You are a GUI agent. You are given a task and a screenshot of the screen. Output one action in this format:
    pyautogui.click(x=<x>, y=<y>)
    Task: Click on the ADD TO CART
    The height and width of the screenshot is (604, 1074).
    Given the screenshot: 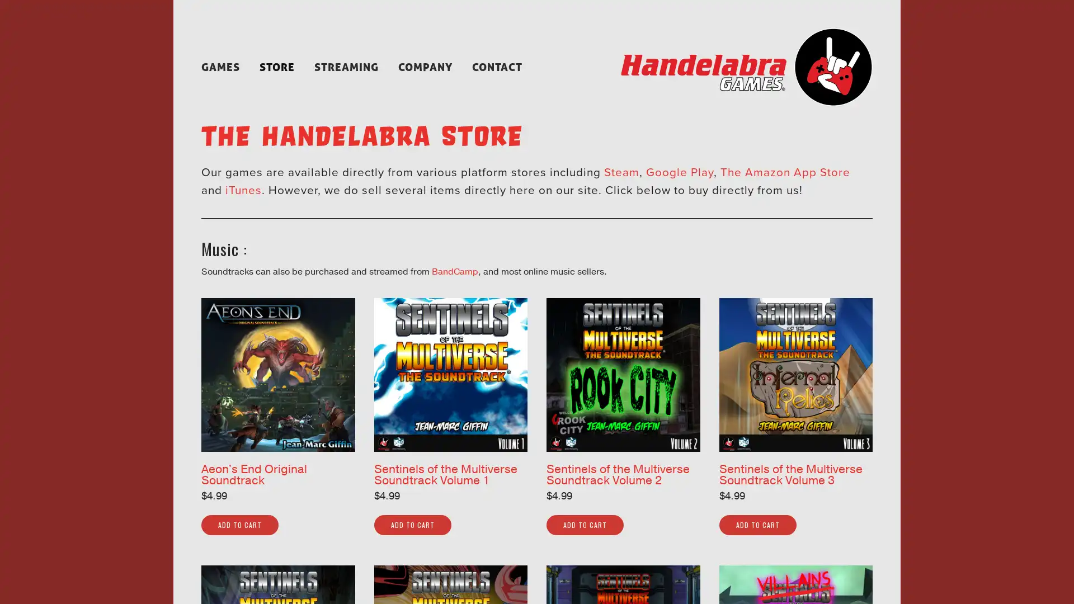 What is the action you would take?
    pyautogui.click(x=412, y=524)
    